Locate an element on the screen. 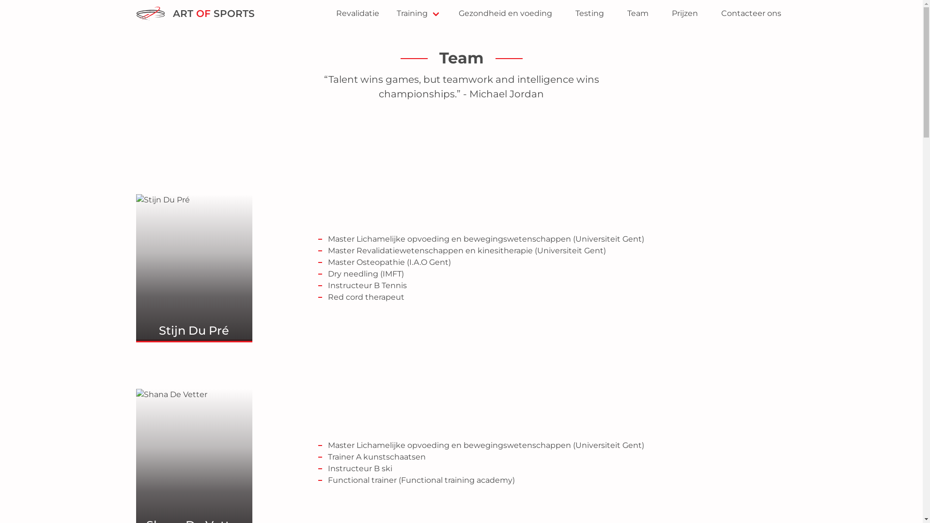 This screenshot has width=930, height=523. 'Revalidatie' is located at coordinates (357, 13).